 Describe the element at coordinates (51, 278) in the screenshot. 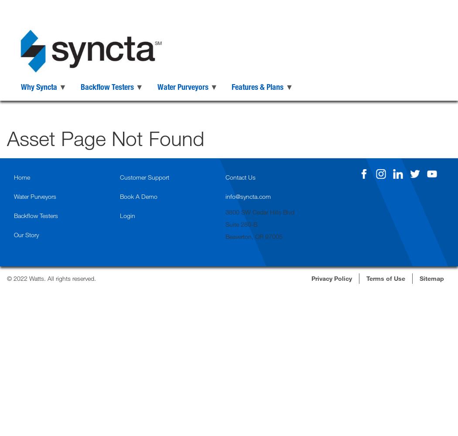

I see `'© 2022 Watts. All rights reserved.'` at that location.